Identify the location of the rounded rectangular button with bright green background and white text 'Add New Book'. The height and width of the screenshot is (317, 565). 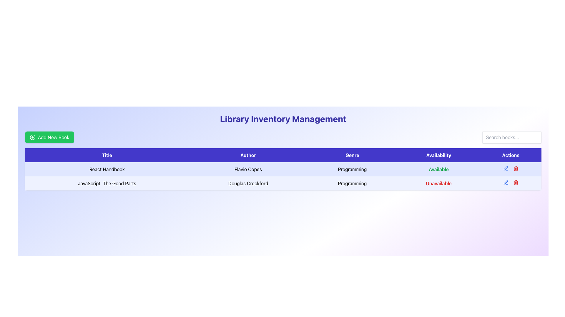
(49, 137).